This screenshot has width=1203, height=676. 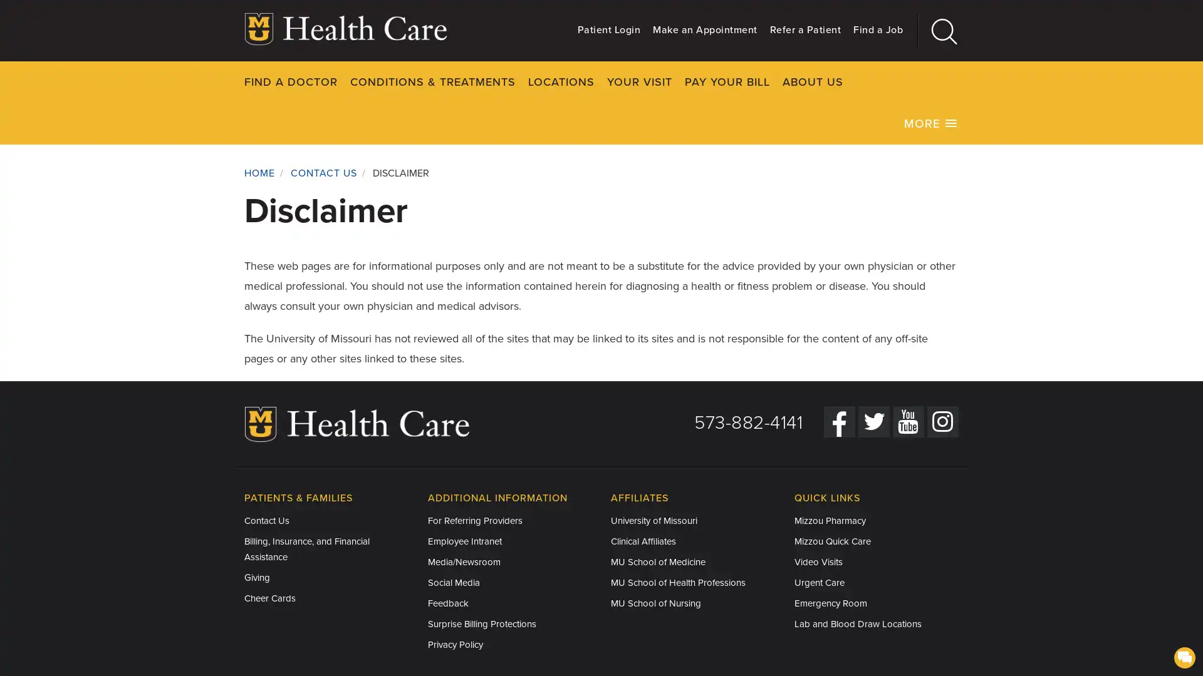 I want to click on MORE, so click(x=931, y=123).